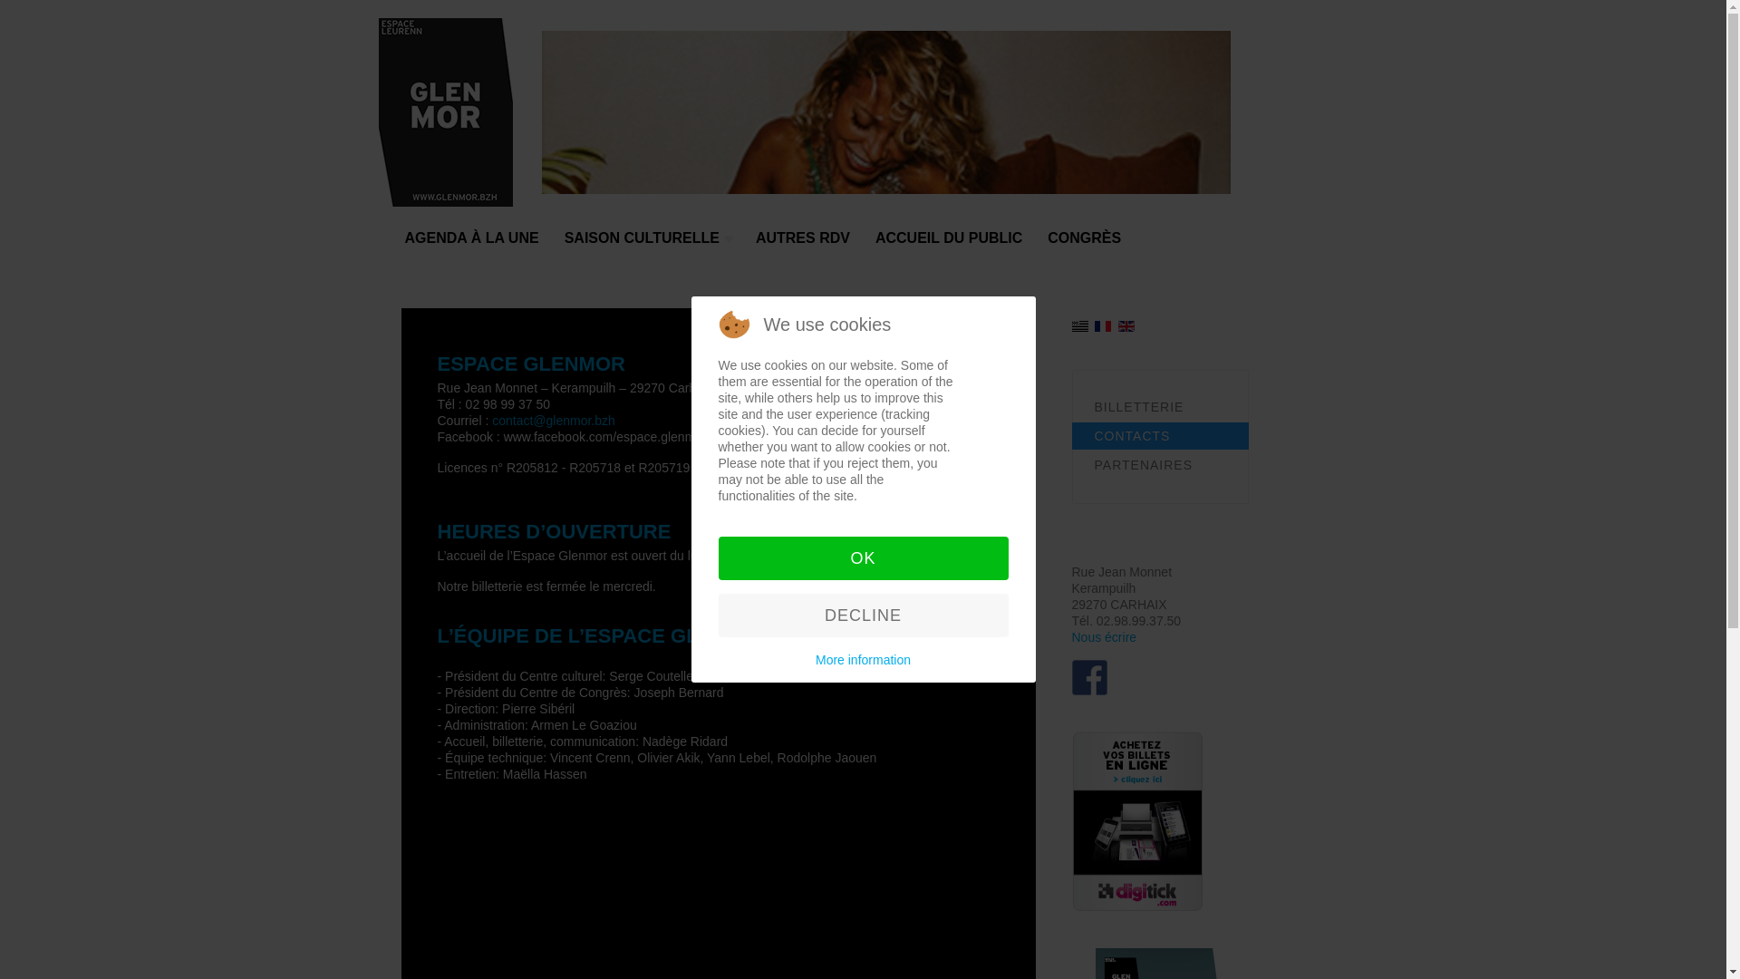  I want to click on 'Facebook', so click(1087, 677).